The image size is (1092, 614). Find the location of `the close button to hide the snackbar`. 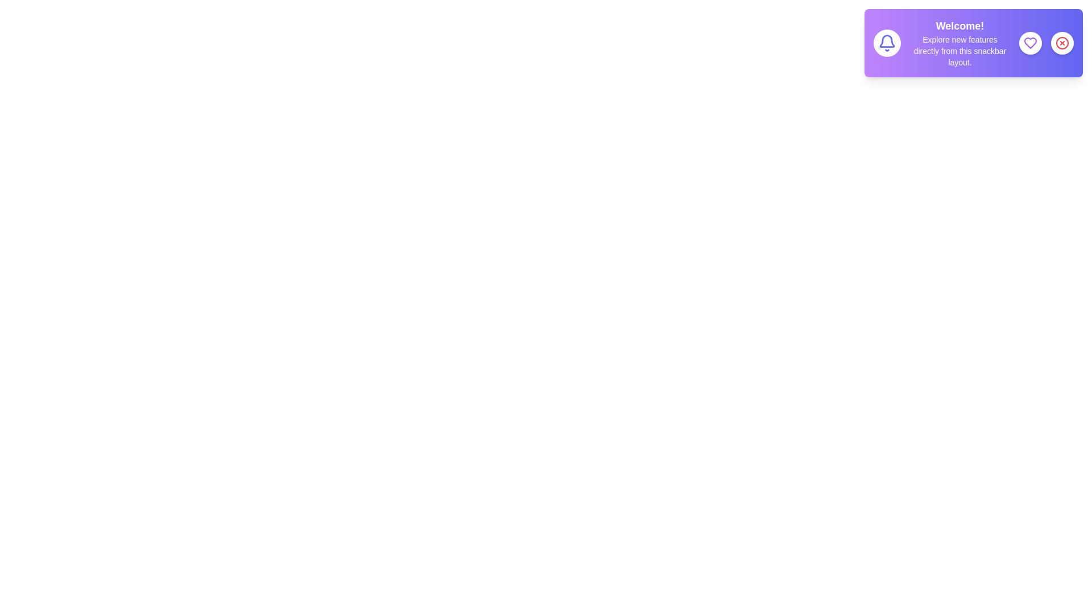

the close button to hide the snackbar is located at coordinates (1061, 43).